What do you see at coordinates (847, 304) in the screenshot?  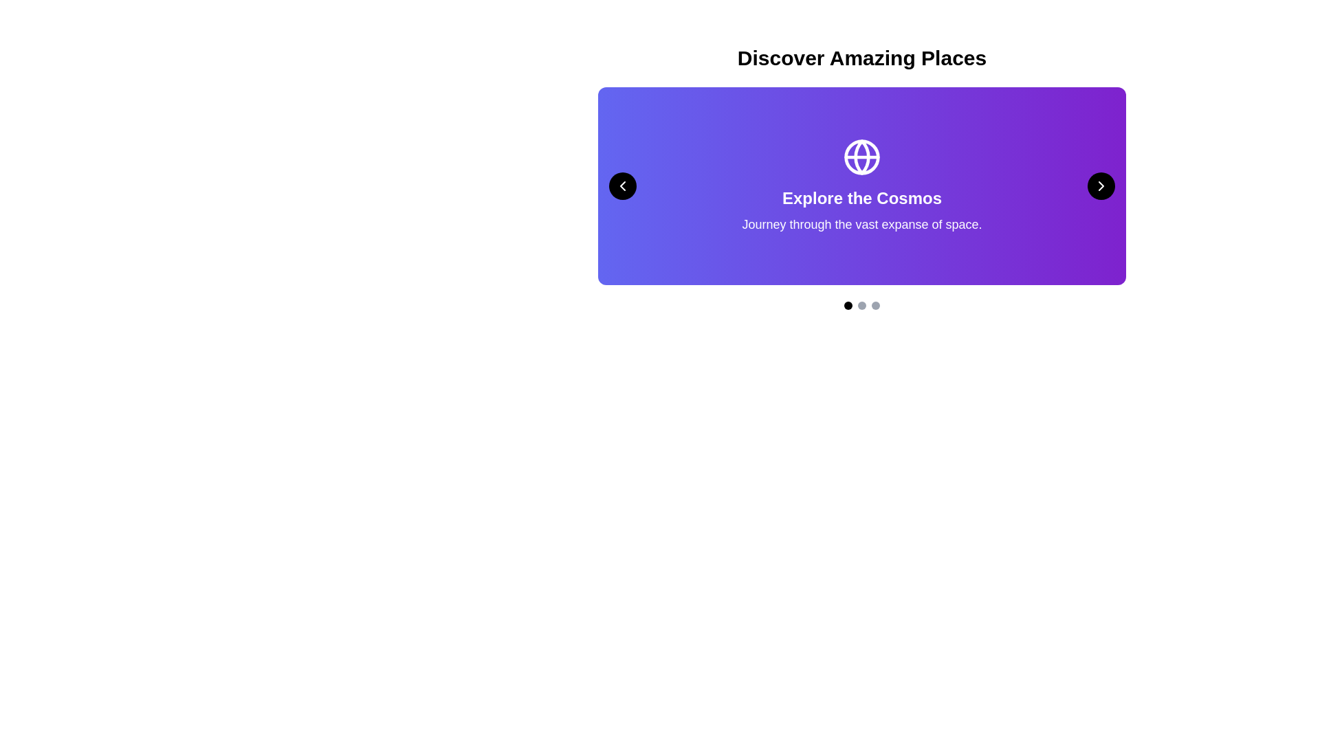 I see `the leftmost circular indicator in the bottom center of the interface for interaction` at bounding box center [847, 304].